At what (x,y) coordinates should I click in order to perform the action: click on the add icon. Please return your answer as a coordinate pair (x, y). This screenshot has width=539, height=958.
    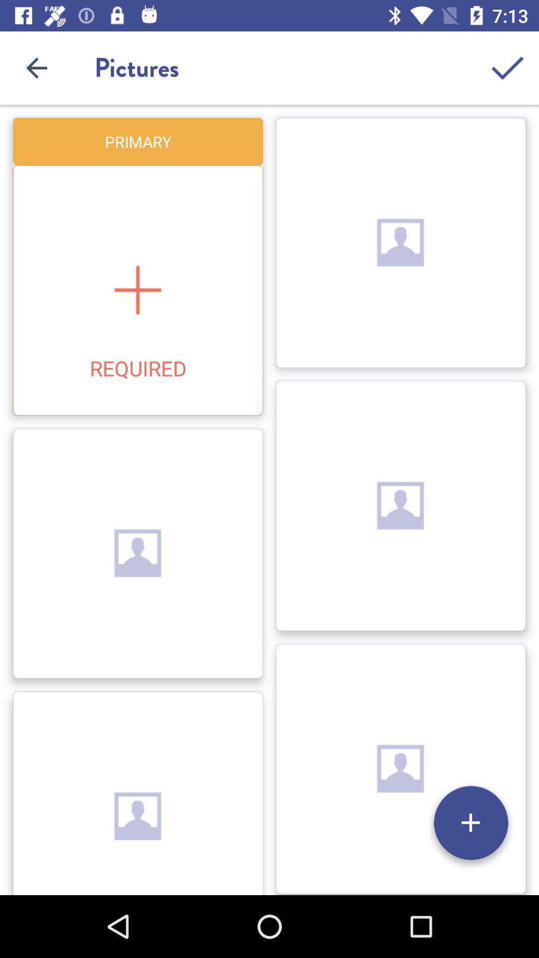
    Looking at the image, I should click on (471, 827).